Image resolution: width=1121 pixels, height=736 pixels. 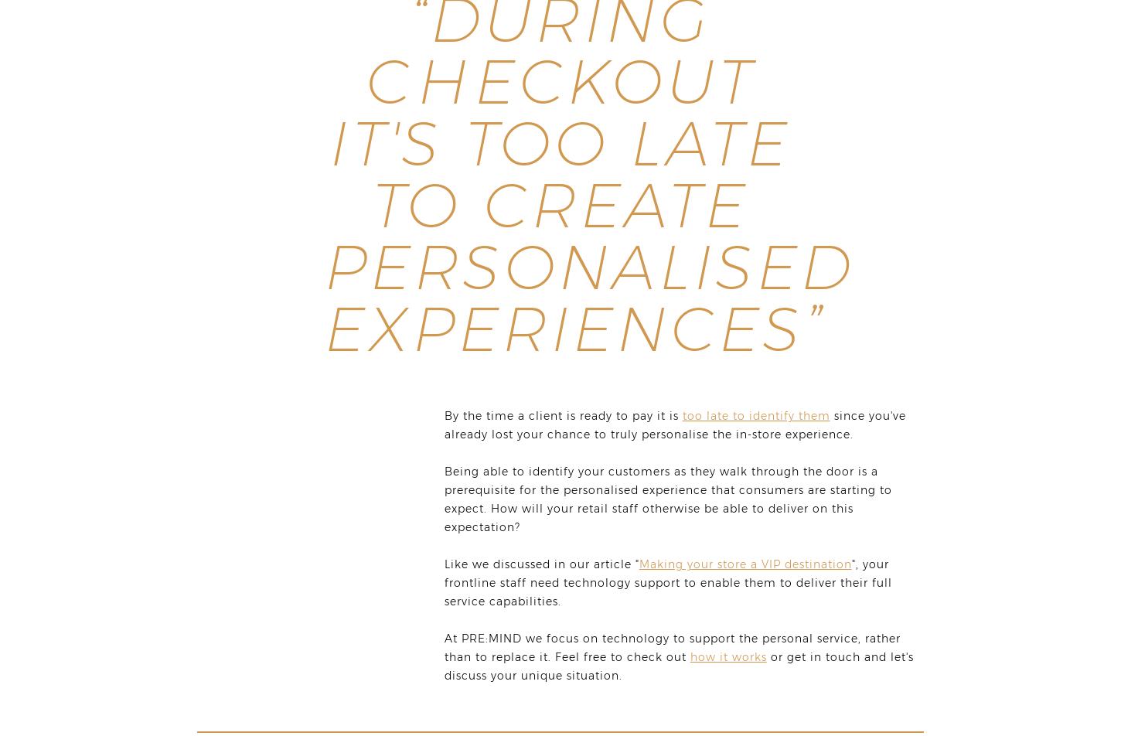 I want to click on 'since you've already lost your chance to truly personalise the in-store experience.', so click(x=445, y=424).